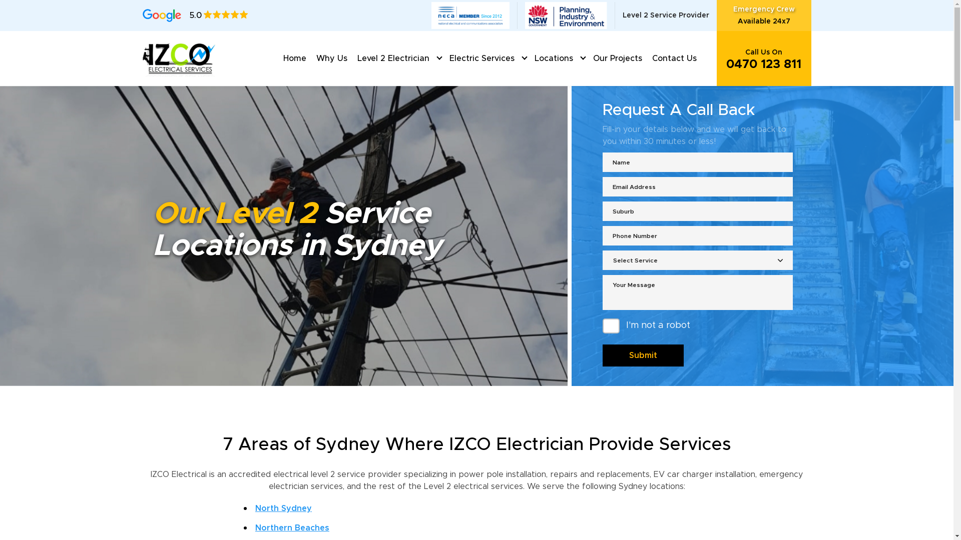 The width and height of the screenshot is (961, 540). I want to click on 'Northern Beaches', so click(292, 527).